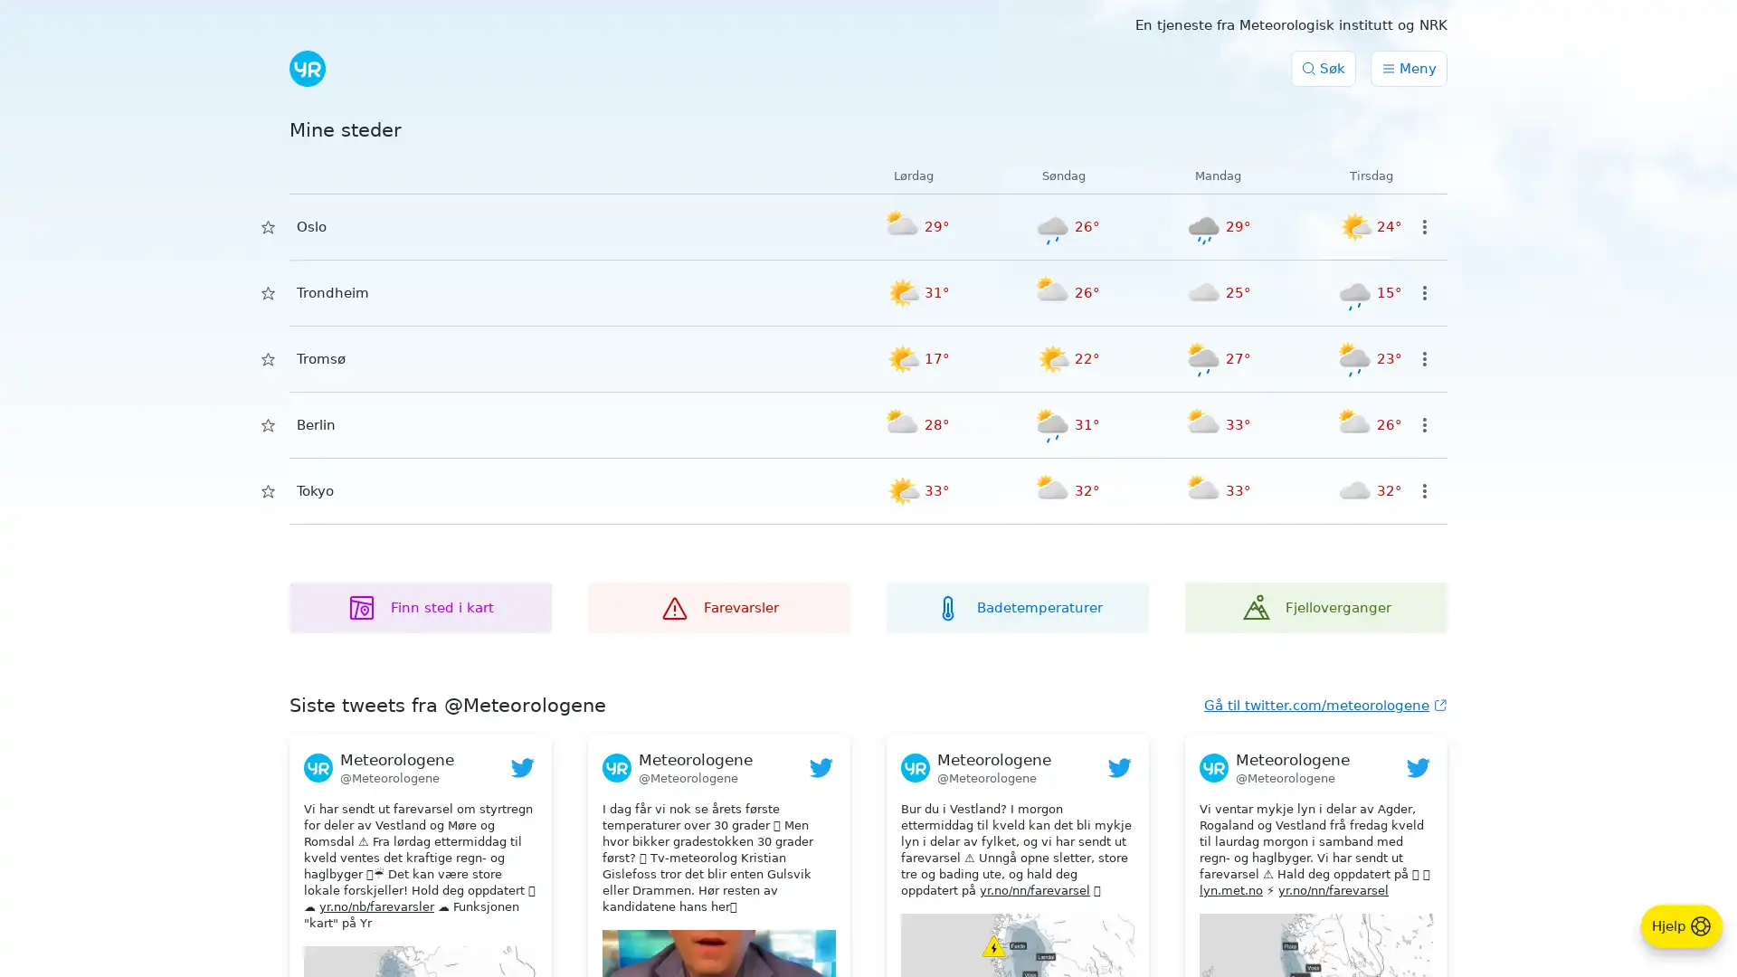 The image size is (1737, 977). What do you see at coordinates (1423, 225) in the screenshot?
I see `Valg for sted` at bounding box center [1423, 225].